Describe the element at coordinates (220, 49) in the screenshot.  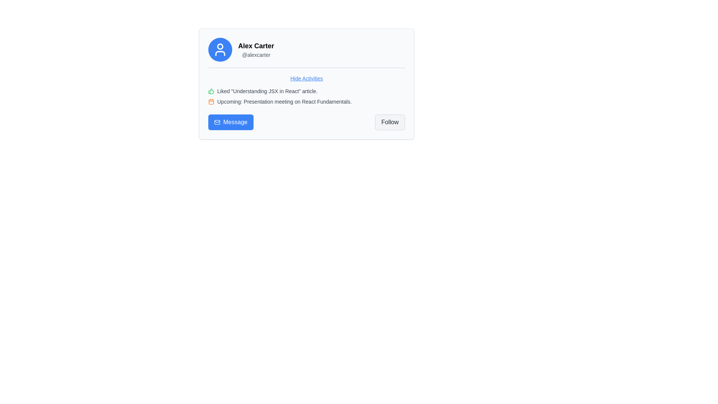
I see `the user profile icon, which is represented by a rounded blue background circle at the top-left section of the user profile card` at that location.